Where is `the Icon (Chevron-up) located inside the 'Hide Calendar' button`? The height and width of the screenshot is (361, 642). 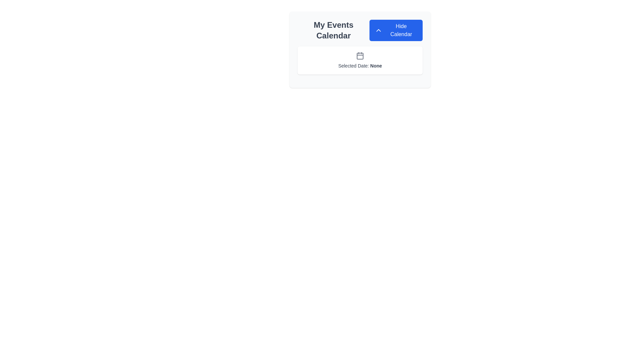 the Icon (Chevron-up) located inside the 'Hide Calendar' button is located at coordinates (379, 30).